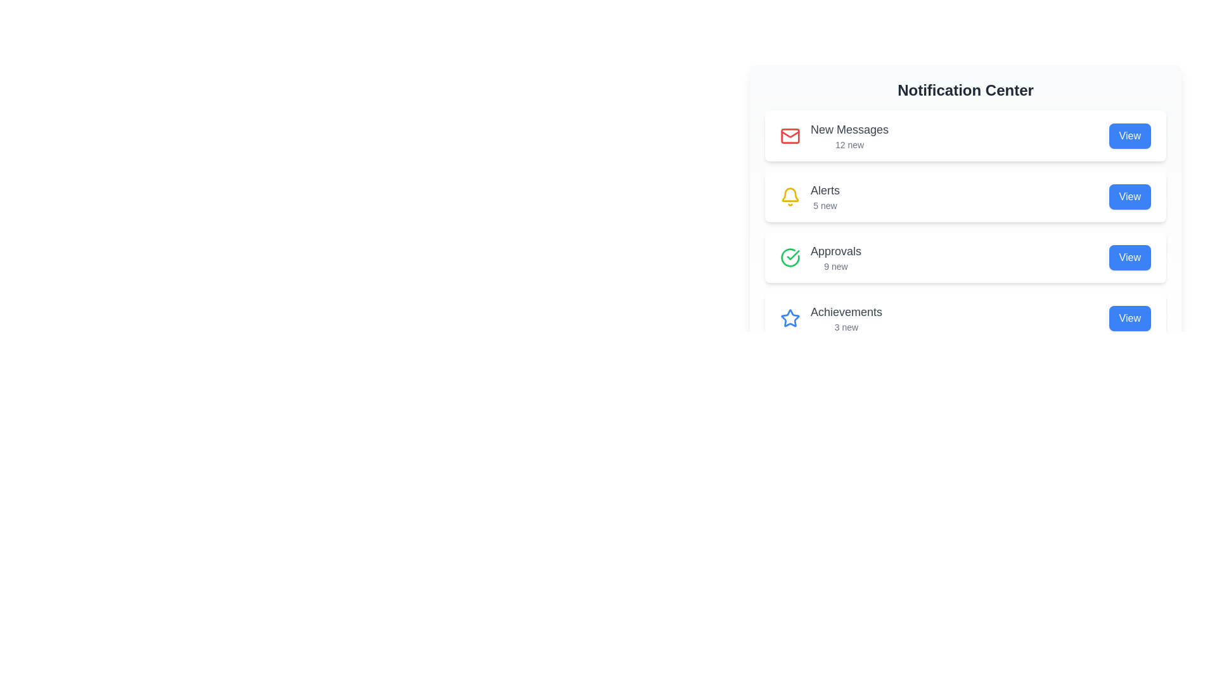  I want to click on informational text displaying 'Achievements' with the subtext '3 new' notifications, located in the Notification Center below the 'Approvals' item, so click(846, 317).